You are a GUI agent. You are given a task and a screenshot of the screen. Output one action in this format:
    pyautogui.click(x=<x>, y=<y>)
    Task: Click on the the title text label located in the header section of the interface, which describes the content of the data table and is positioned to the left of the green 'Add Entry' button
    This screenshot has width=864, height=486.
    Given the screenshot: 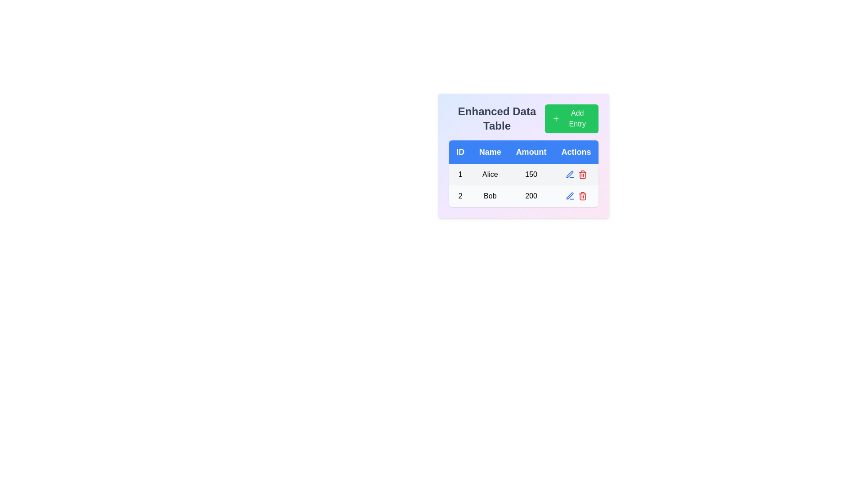 What is the action you would take?
    pyautogui.click(x=496, y=118)
    